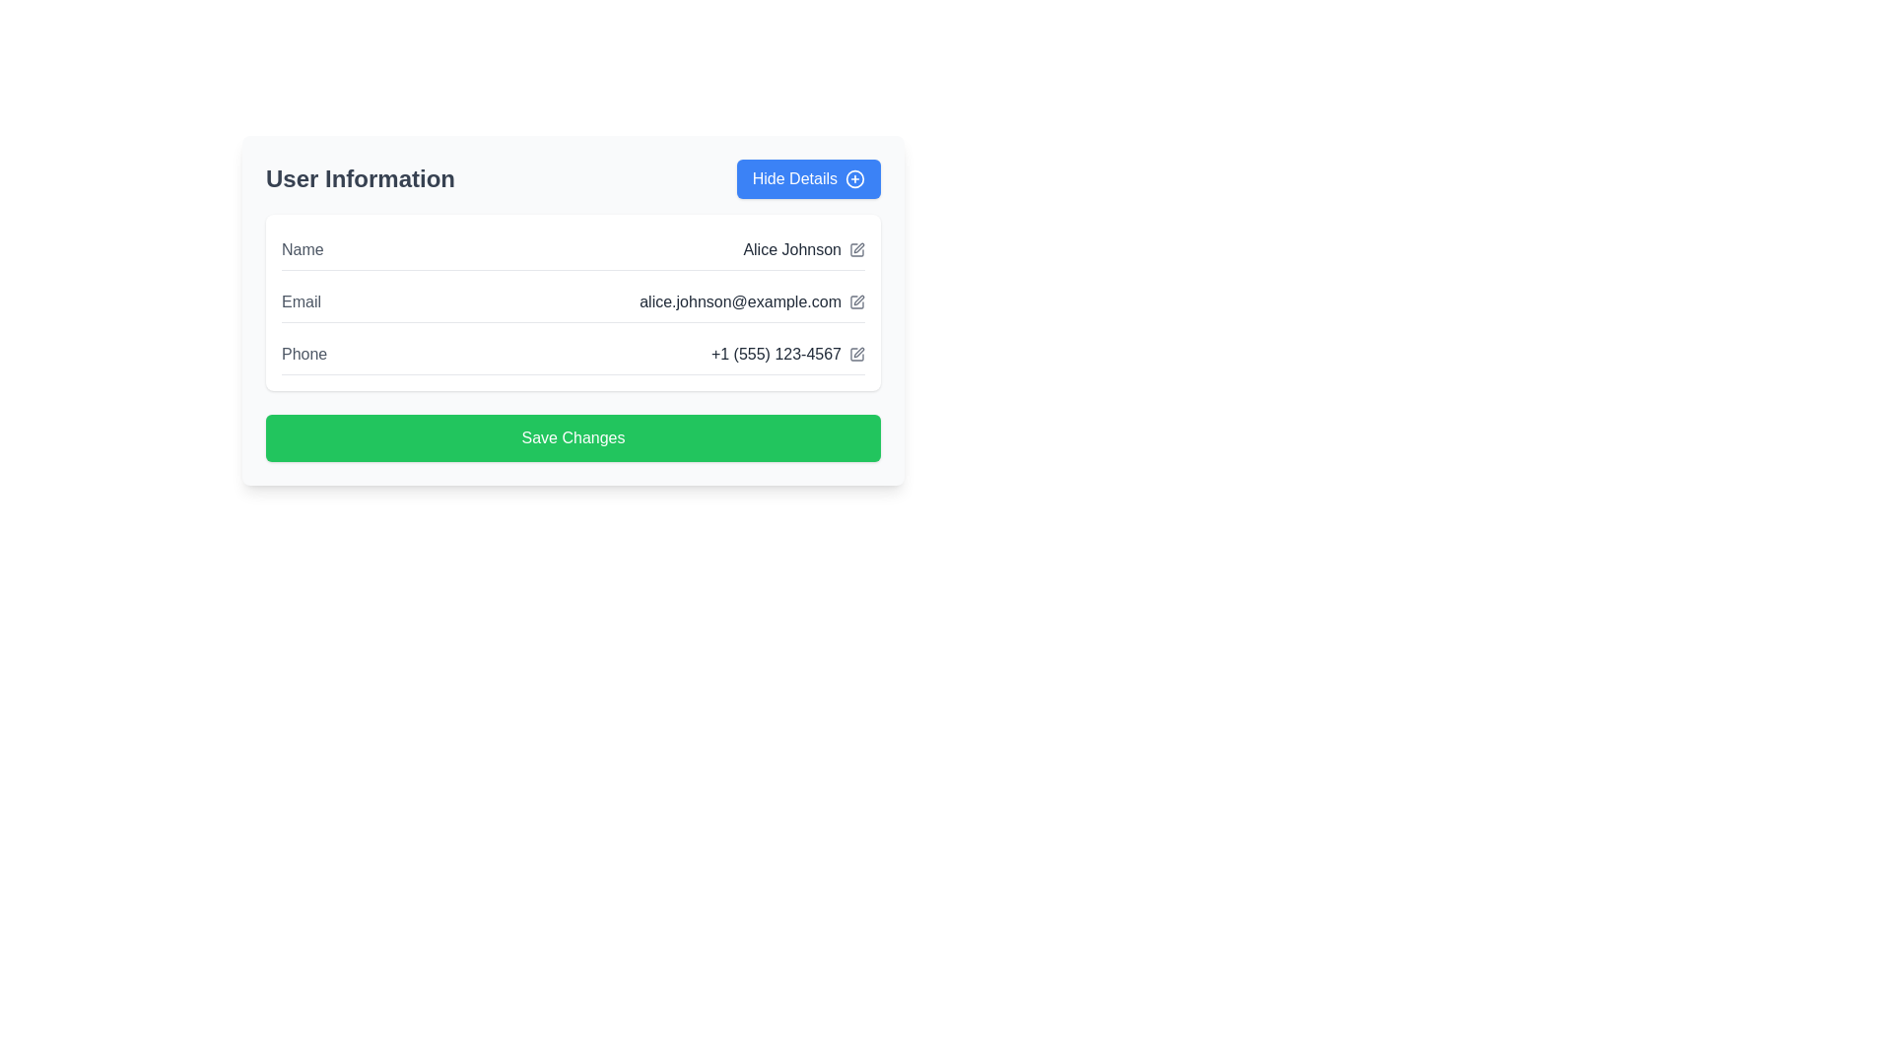 This screenshot has height=1064, width=1892. I want to click on the edit button located to the right of the email text 'alice.johnson@example.com', so click(856, 302).